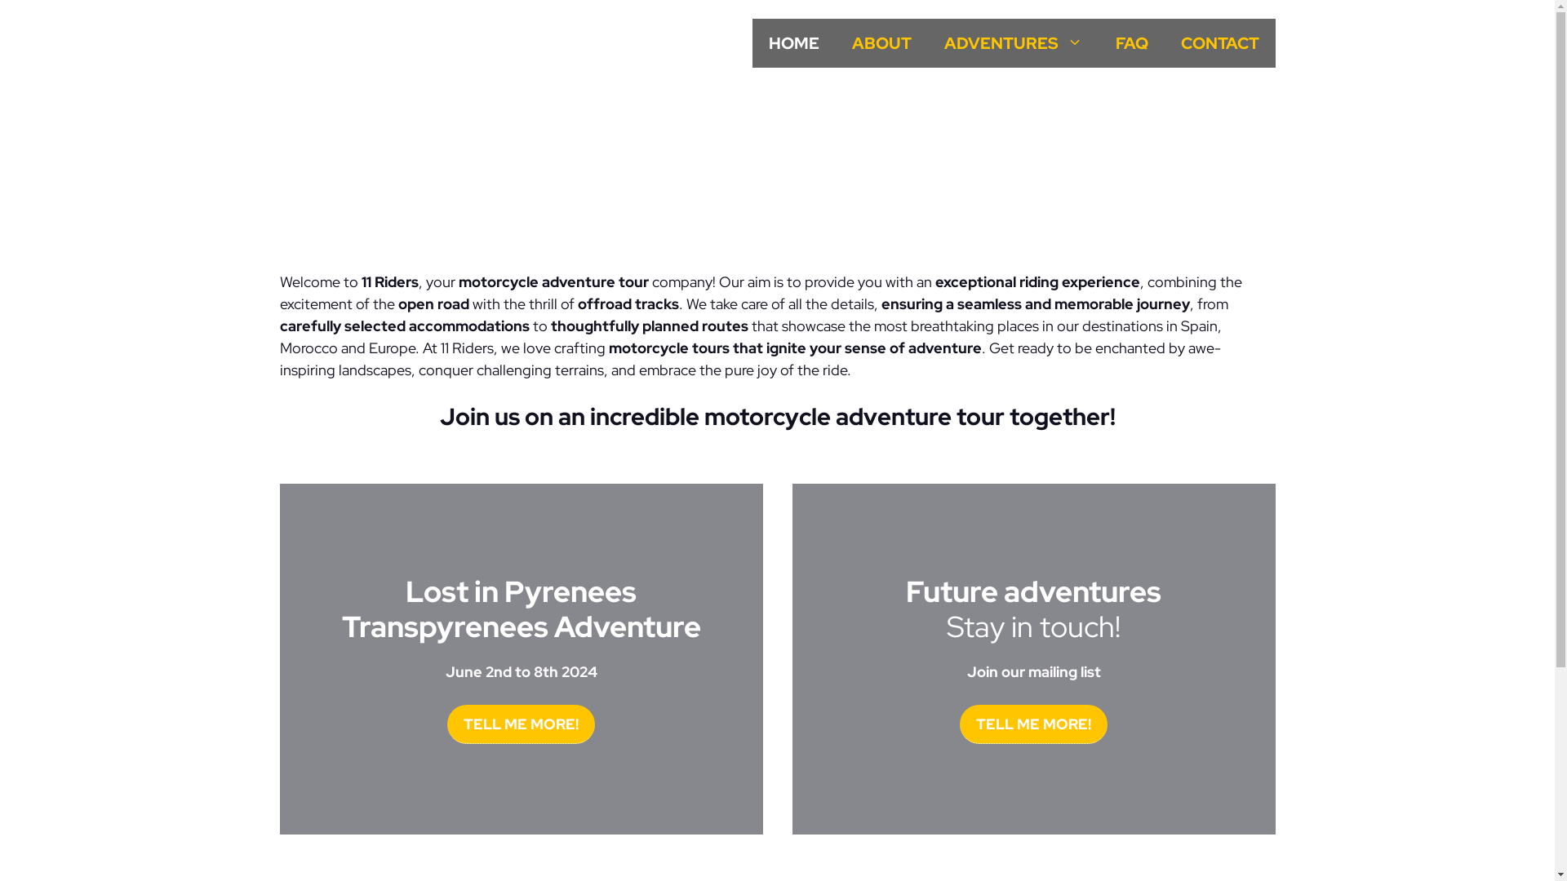 The image size is (1567, 881). Describe the element at coordinates (1219, 42) in the screenshot. I see `'CONTACT'` at that location.